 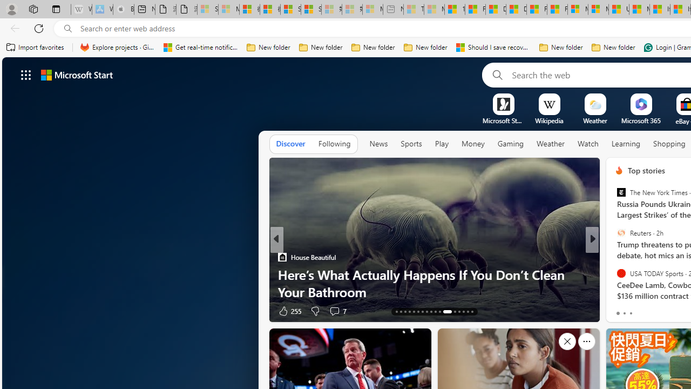 What do you see at coordinates (463, 312) in the screenshot?
I see `'AutomationID: tab-31'` at bounding box center [463, 312].